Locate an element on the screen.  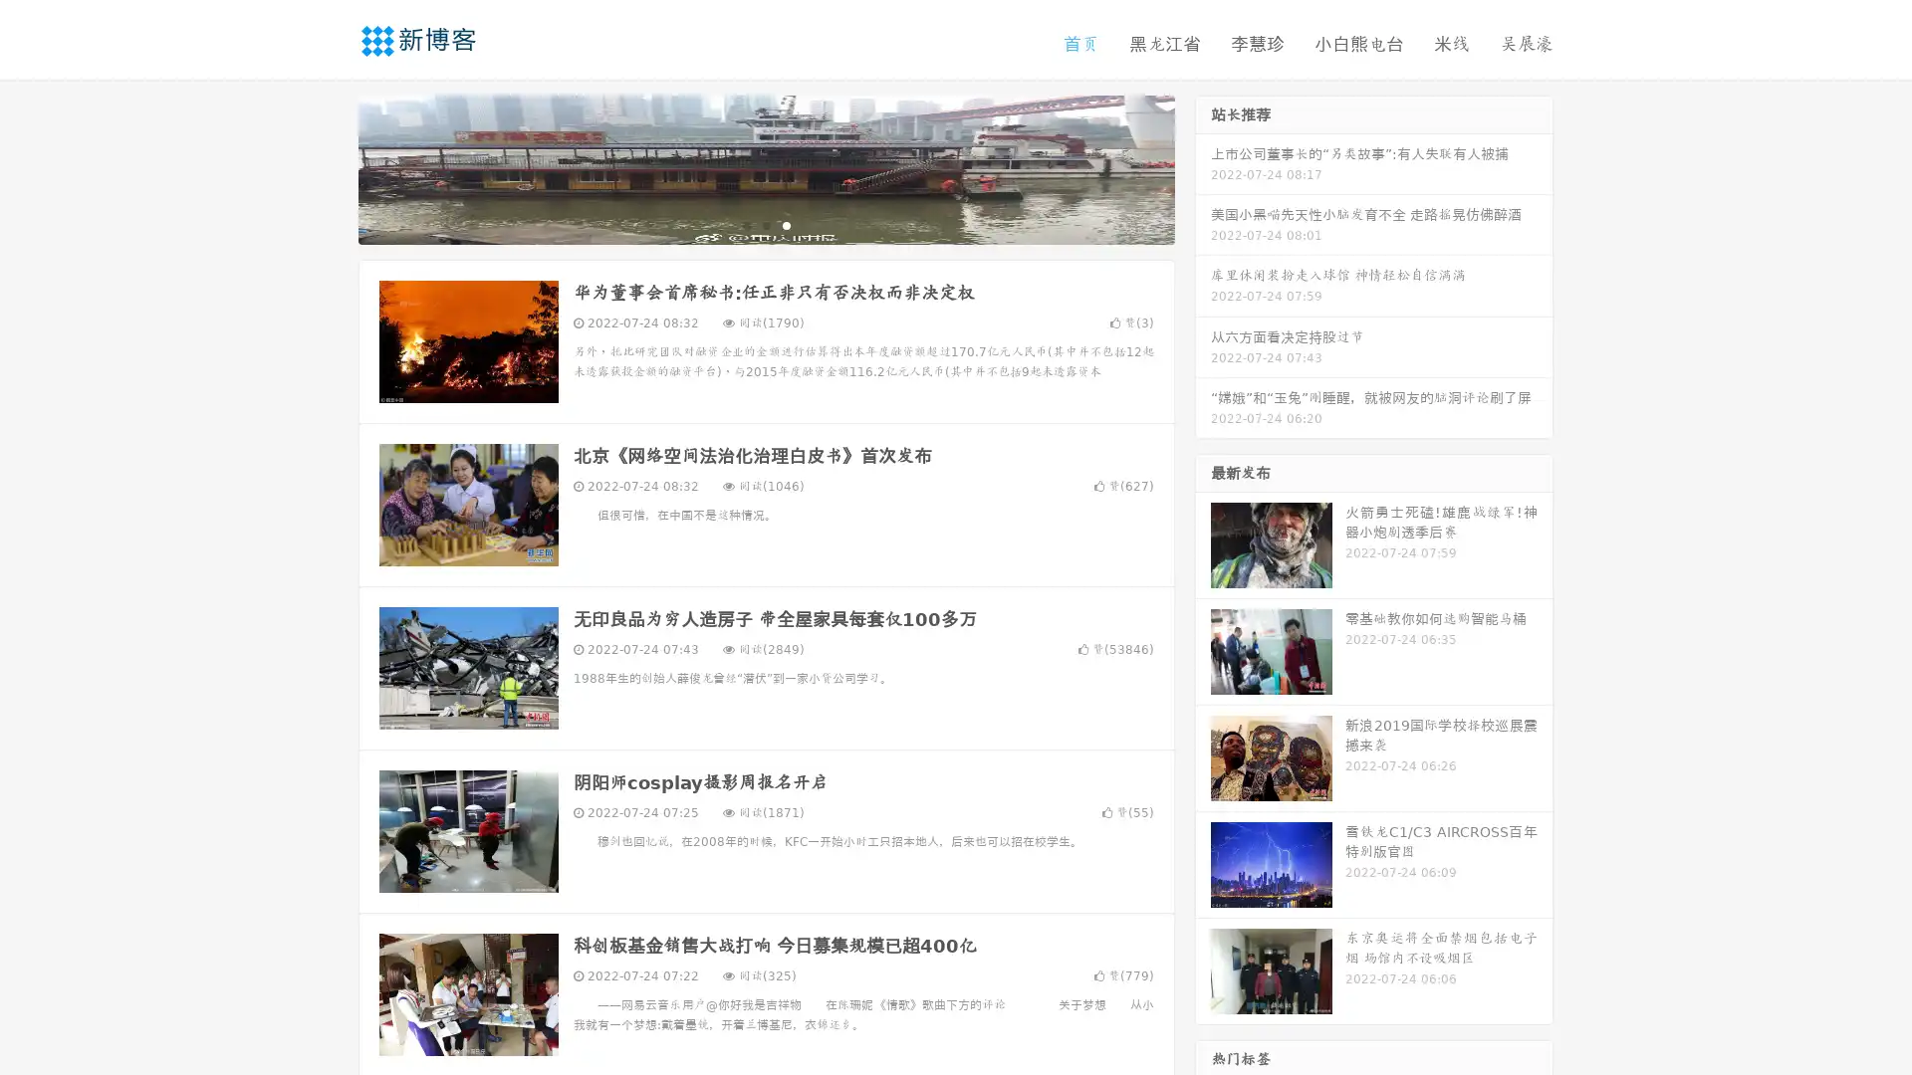
Go to slide 2 is located at coordinates (765, 224).